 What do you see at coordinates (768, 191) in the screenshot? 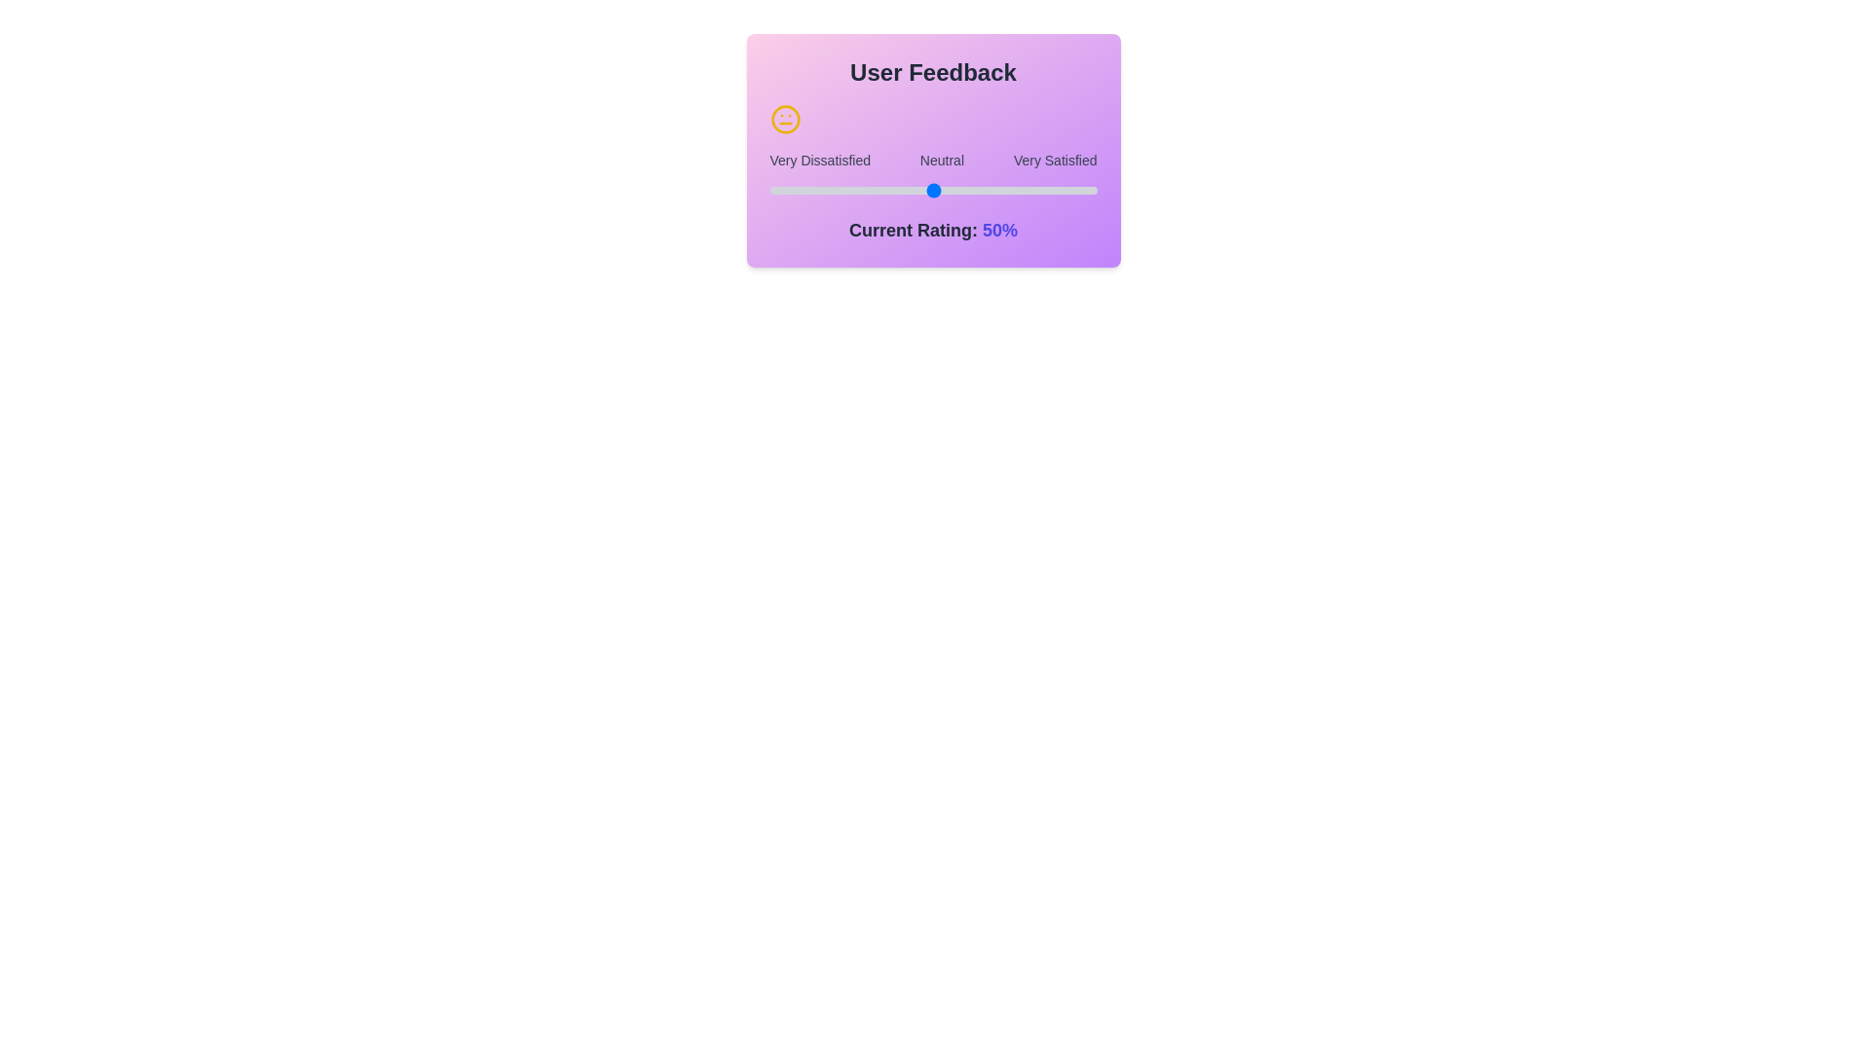
I see `the slider to set the rating to 31%` at bounding box center [768, 191].